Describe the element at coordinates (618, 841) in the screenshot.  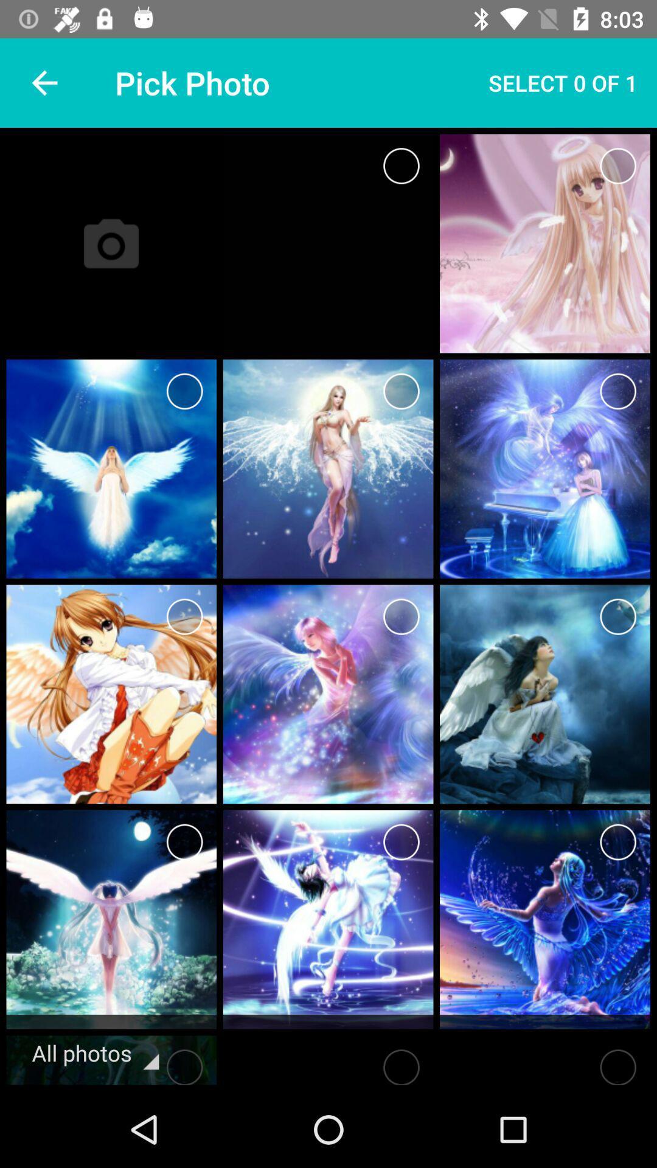
I see `photo` at that location.